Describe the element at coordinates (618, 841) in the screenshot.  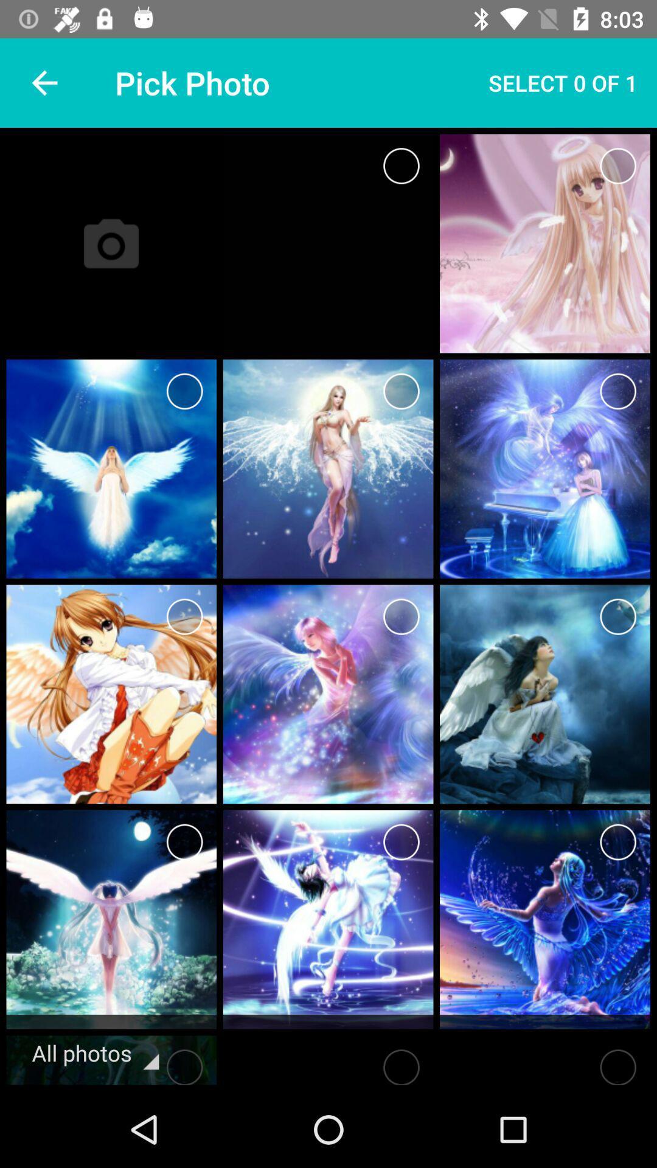
I see `photo` at that location.